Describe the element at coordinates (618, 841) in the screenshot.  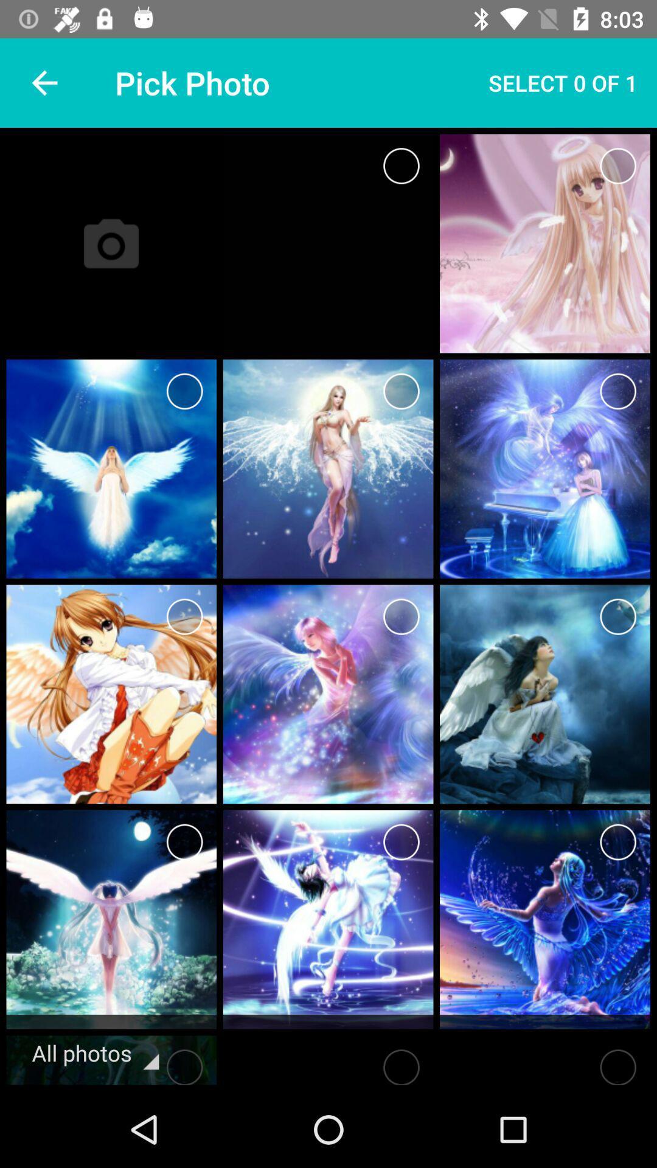
I see `photo` at that location.